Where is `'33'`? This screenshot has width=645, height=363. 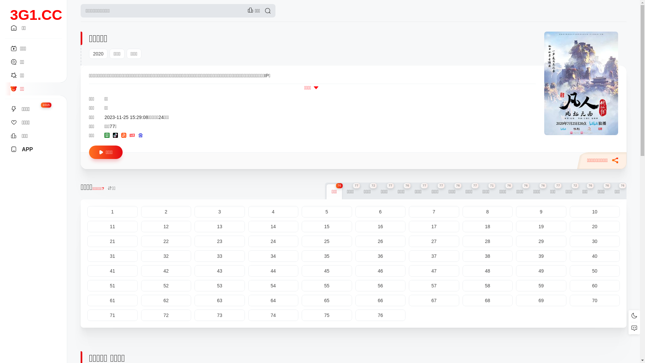
'33' is located at coordinates (194, 256).